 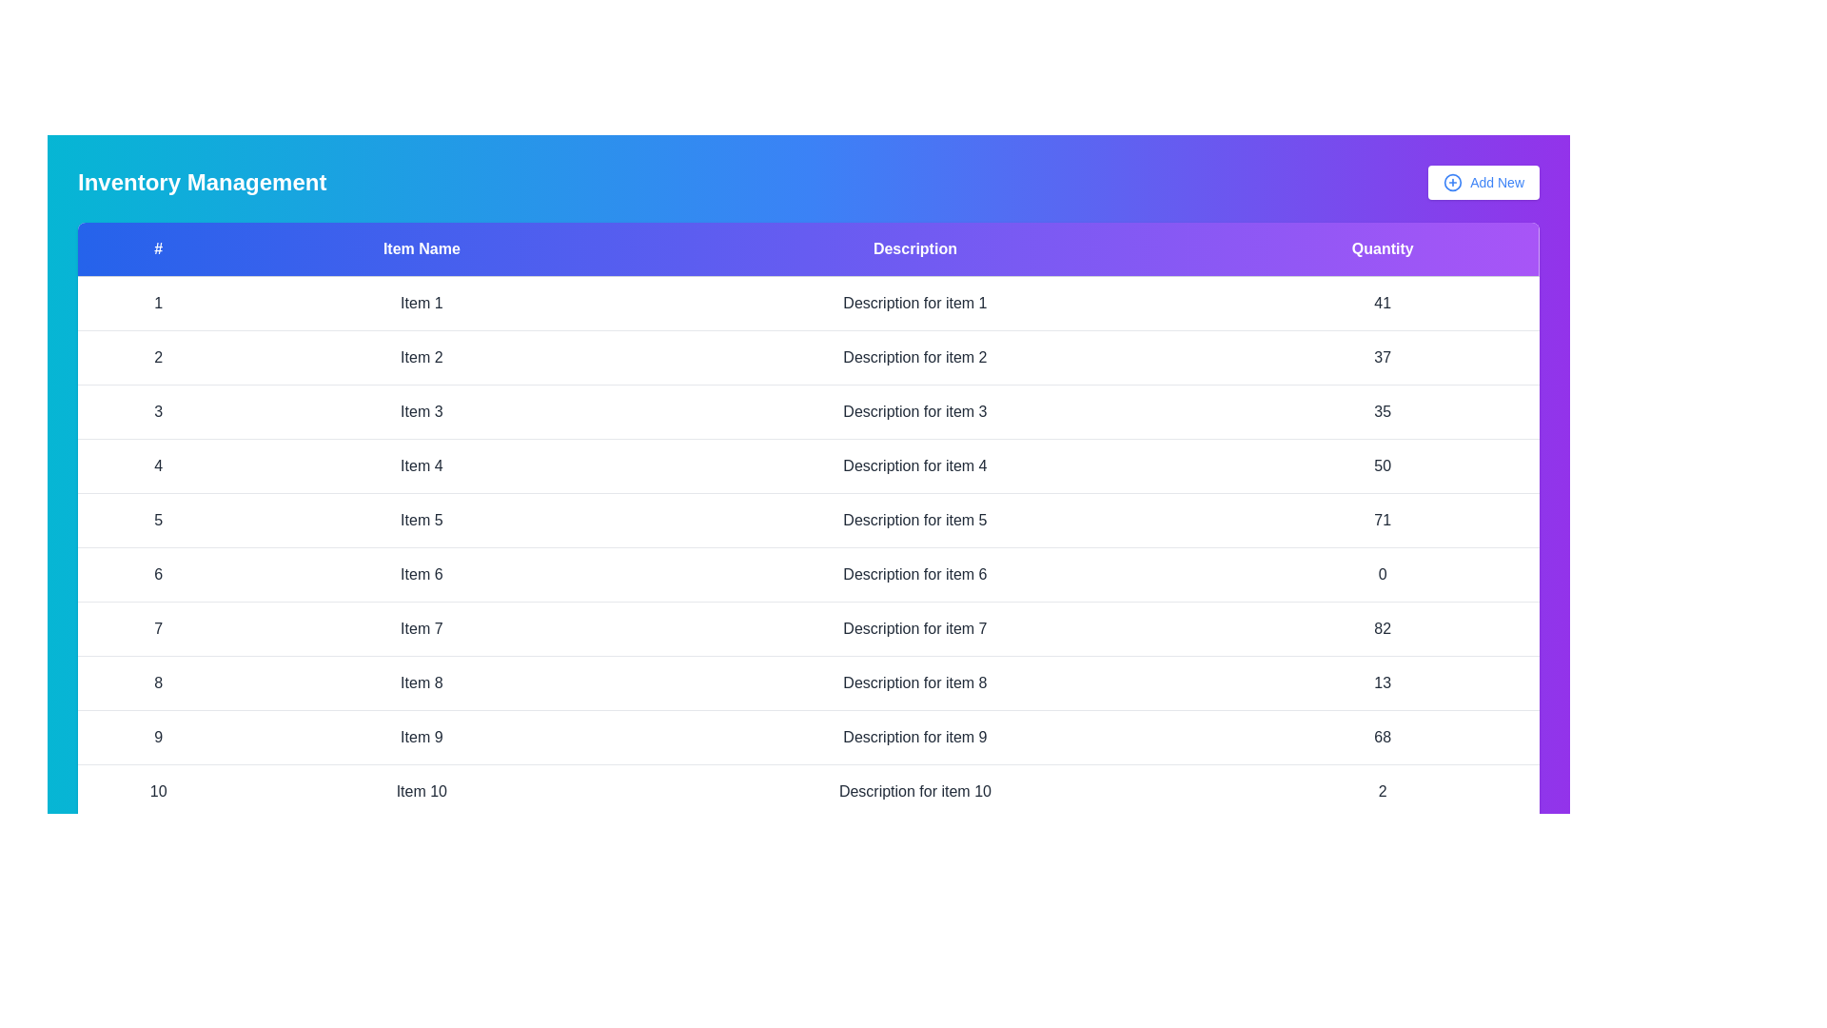 I want to click on the 'Add New' button to initiate the action, so click(x=1483, y=183).